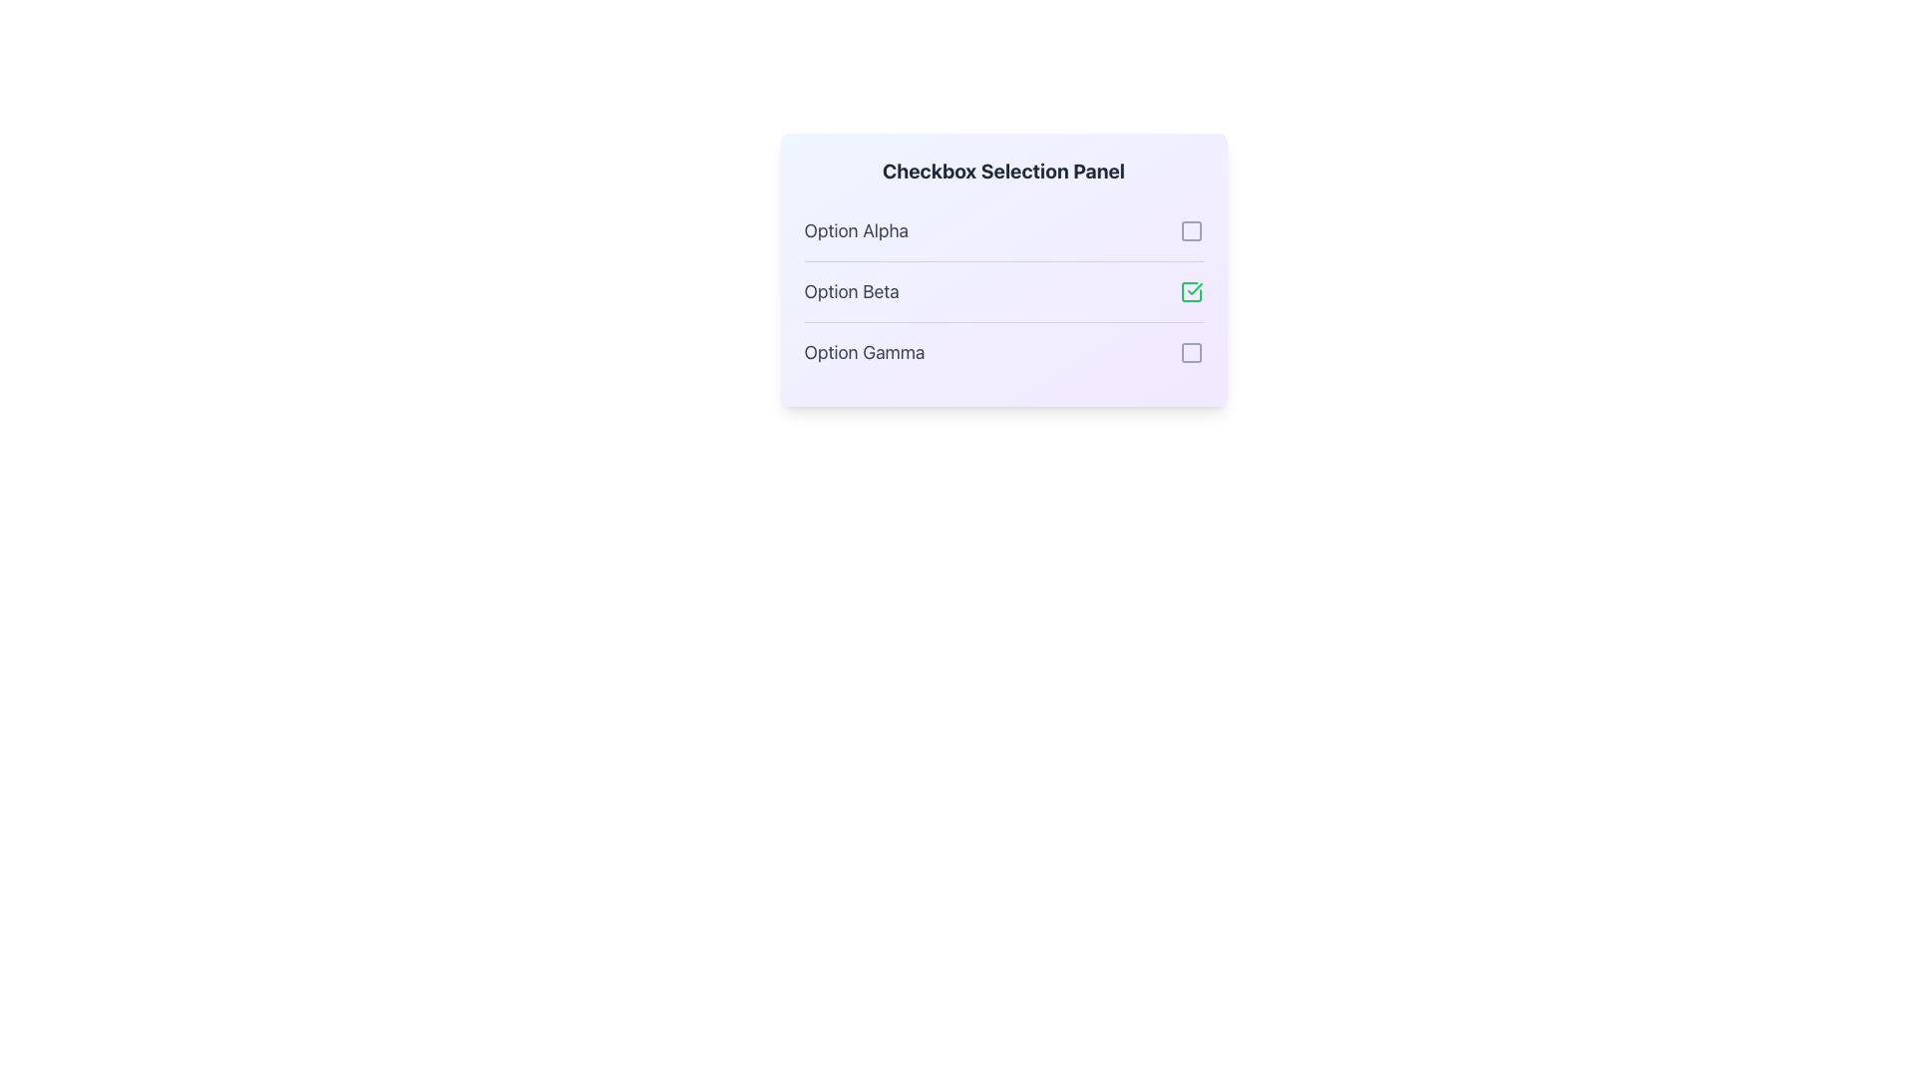 The image size is (1915, 1077). Describe the element at coordinates (1003, 292) in the screenshot. I see `the second option 'Option Beta'` at that location.